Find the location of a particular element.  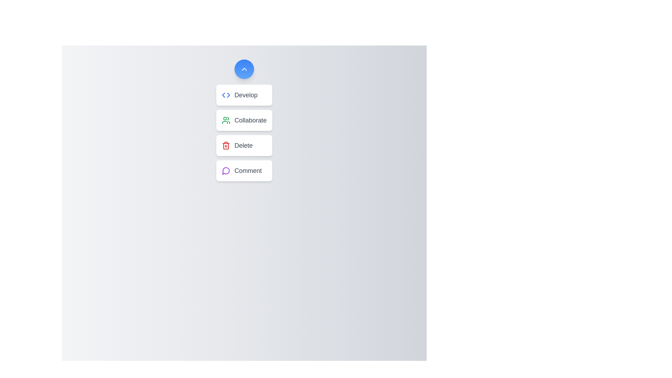

the button labeled Develop is located at coordinates (244, 95).